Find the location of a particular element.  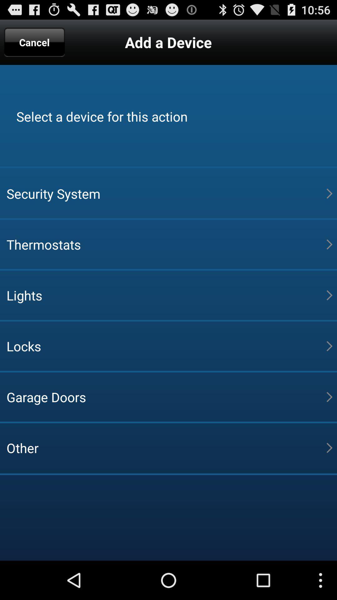

the item above the other icon is located at coordinates (166, 397).